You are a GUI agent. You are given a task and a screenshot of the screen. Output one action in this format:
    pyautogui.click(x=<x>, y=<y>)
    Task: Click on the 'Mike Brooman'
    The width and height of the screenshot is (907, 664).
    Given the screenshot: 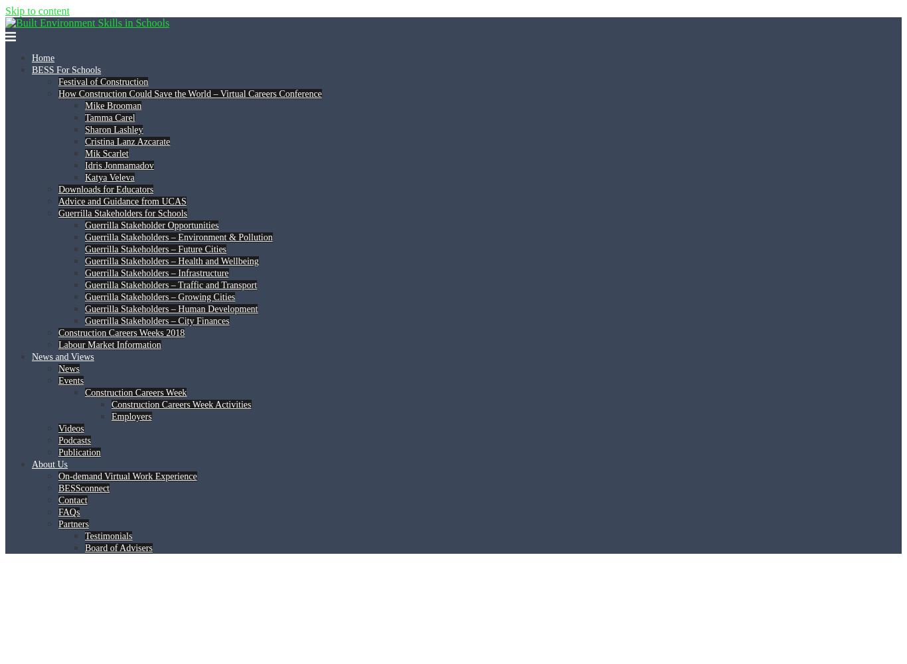 What is the action you would take?
    pyautogui.click(x=112, y=106)
    